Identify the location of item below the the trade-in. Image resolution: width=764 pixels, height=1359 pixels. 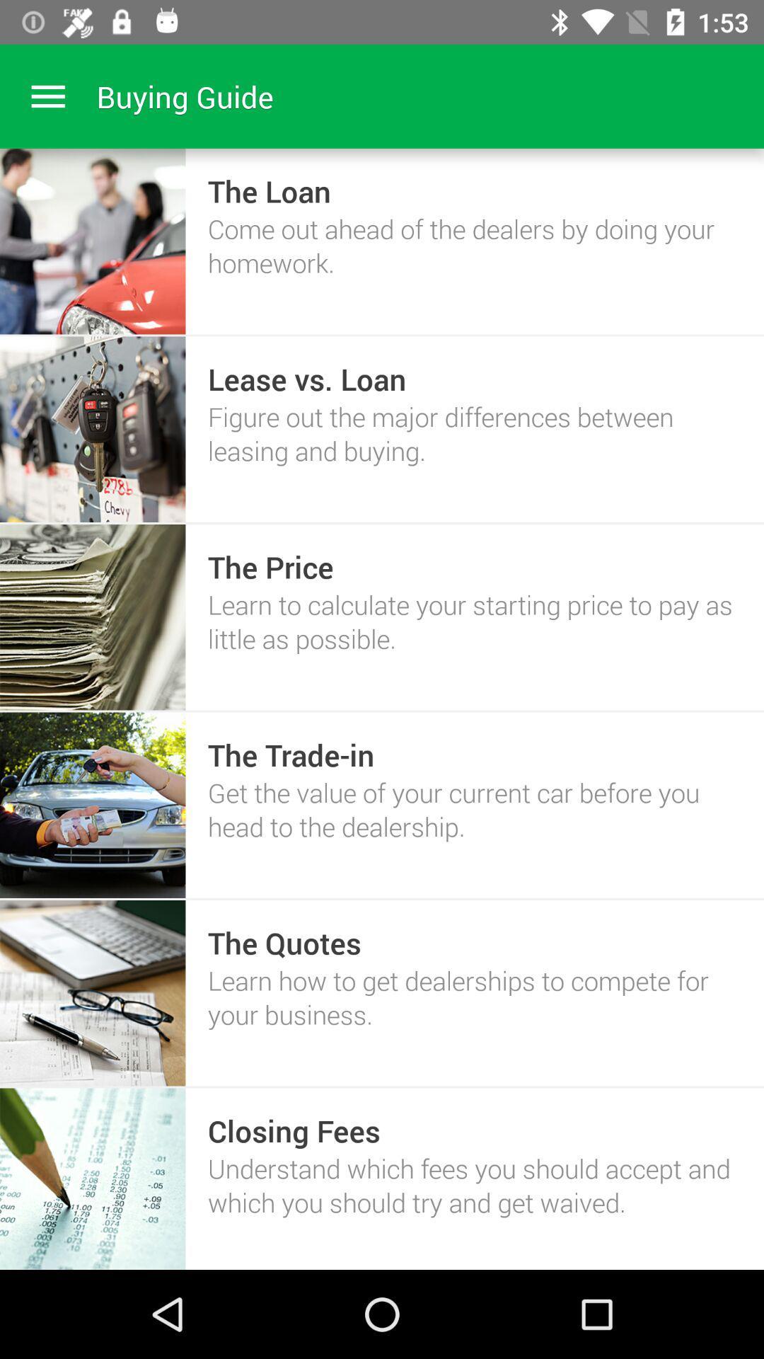
(475, 809).